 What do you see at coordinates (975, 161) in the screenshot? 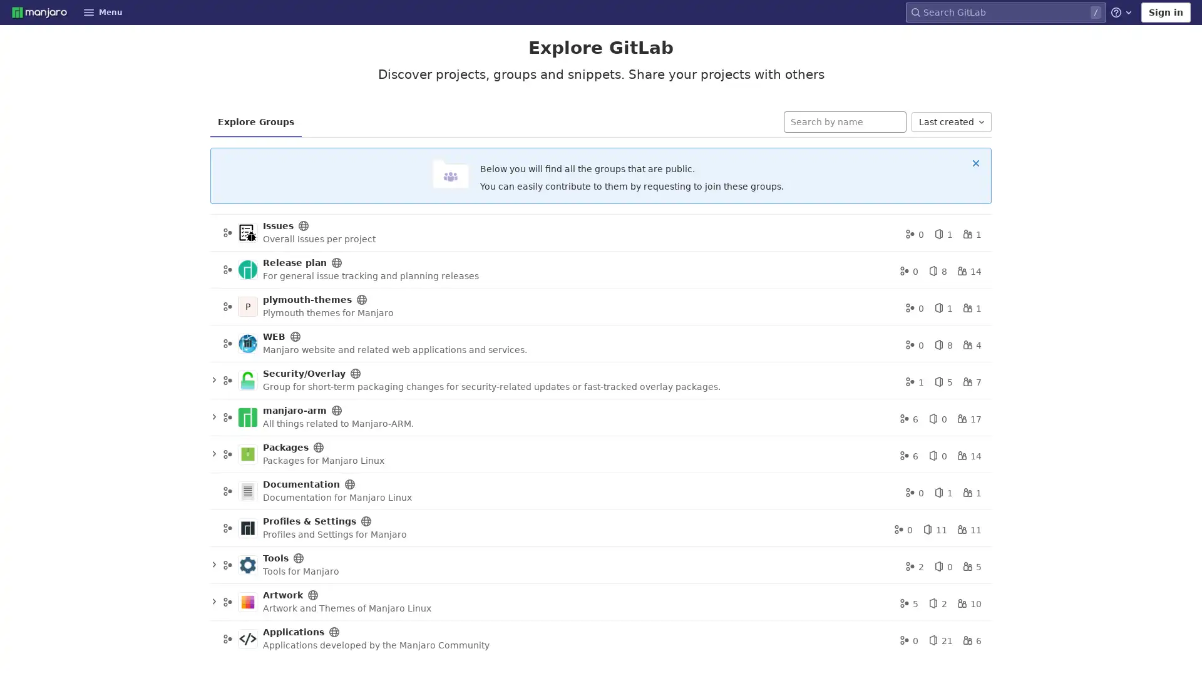
I see `Dismiss` at bounding box center [975, 161].